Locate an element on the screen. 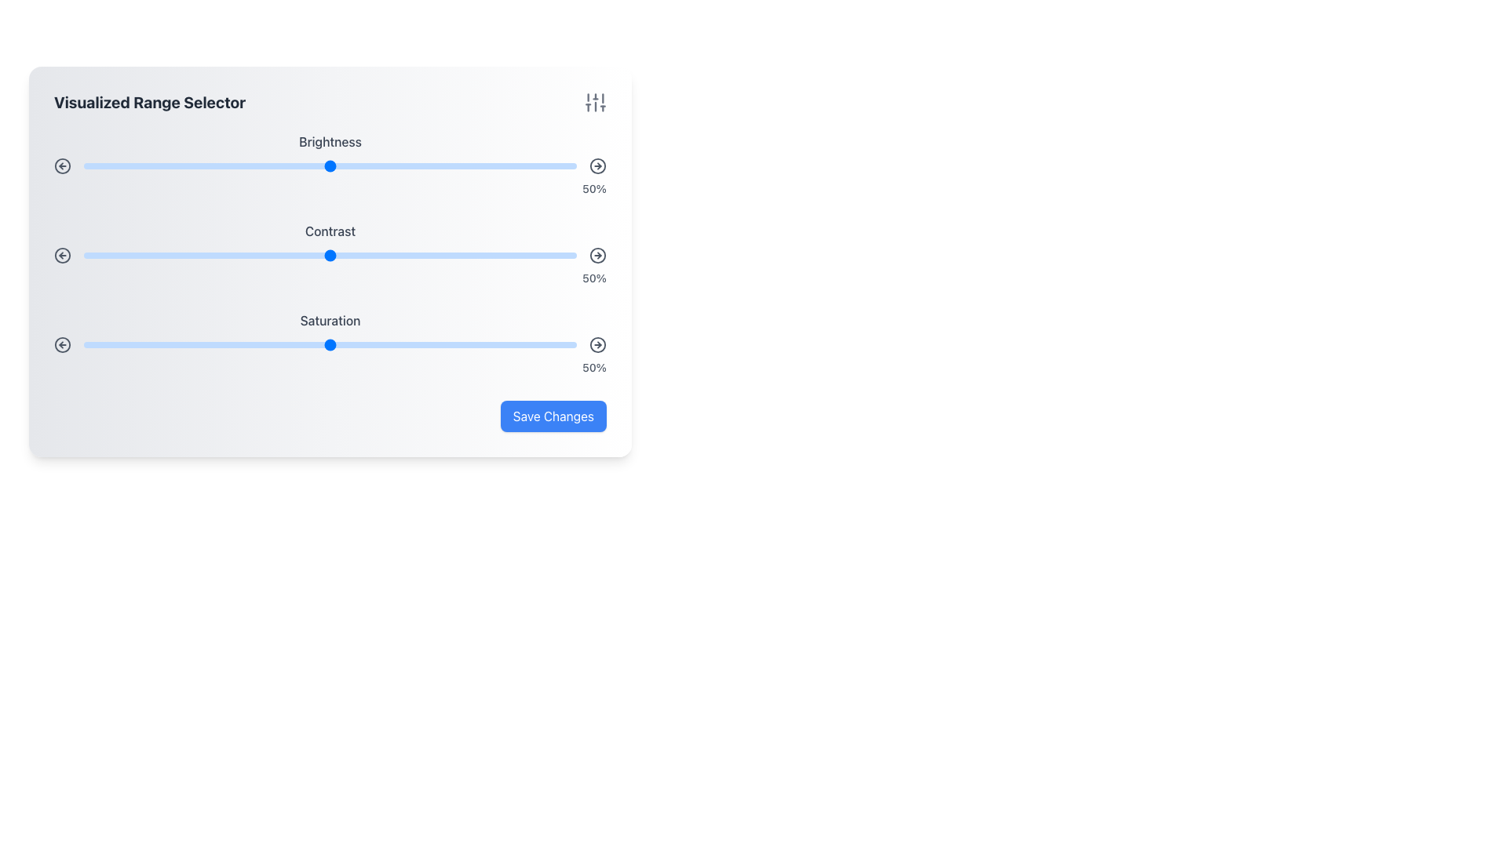 The height and width of the screenshot is (847, 1507). contrast is located at coordinates (301, 255).